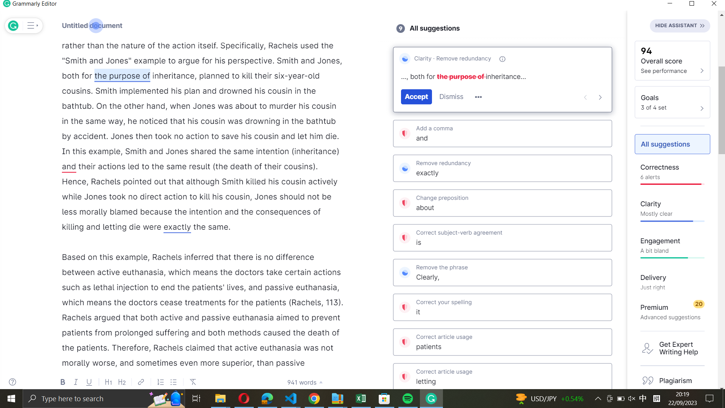 The width and height of the screenshot is (725, 408). I want to click on Request support from Grammarly specialist, so click(673, 348).